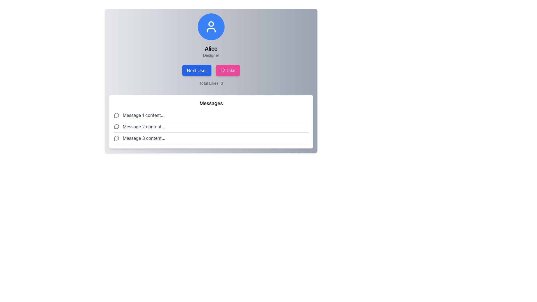 The width and height of the screenshot is (537, 302). What do you see at coordinates (116, 126) in the screenshot?
I see `the speech bubble icon that is gray and minimalist, located to the left of 'Message 2 content...' in the list of messages` at bounding box center [116, 126].